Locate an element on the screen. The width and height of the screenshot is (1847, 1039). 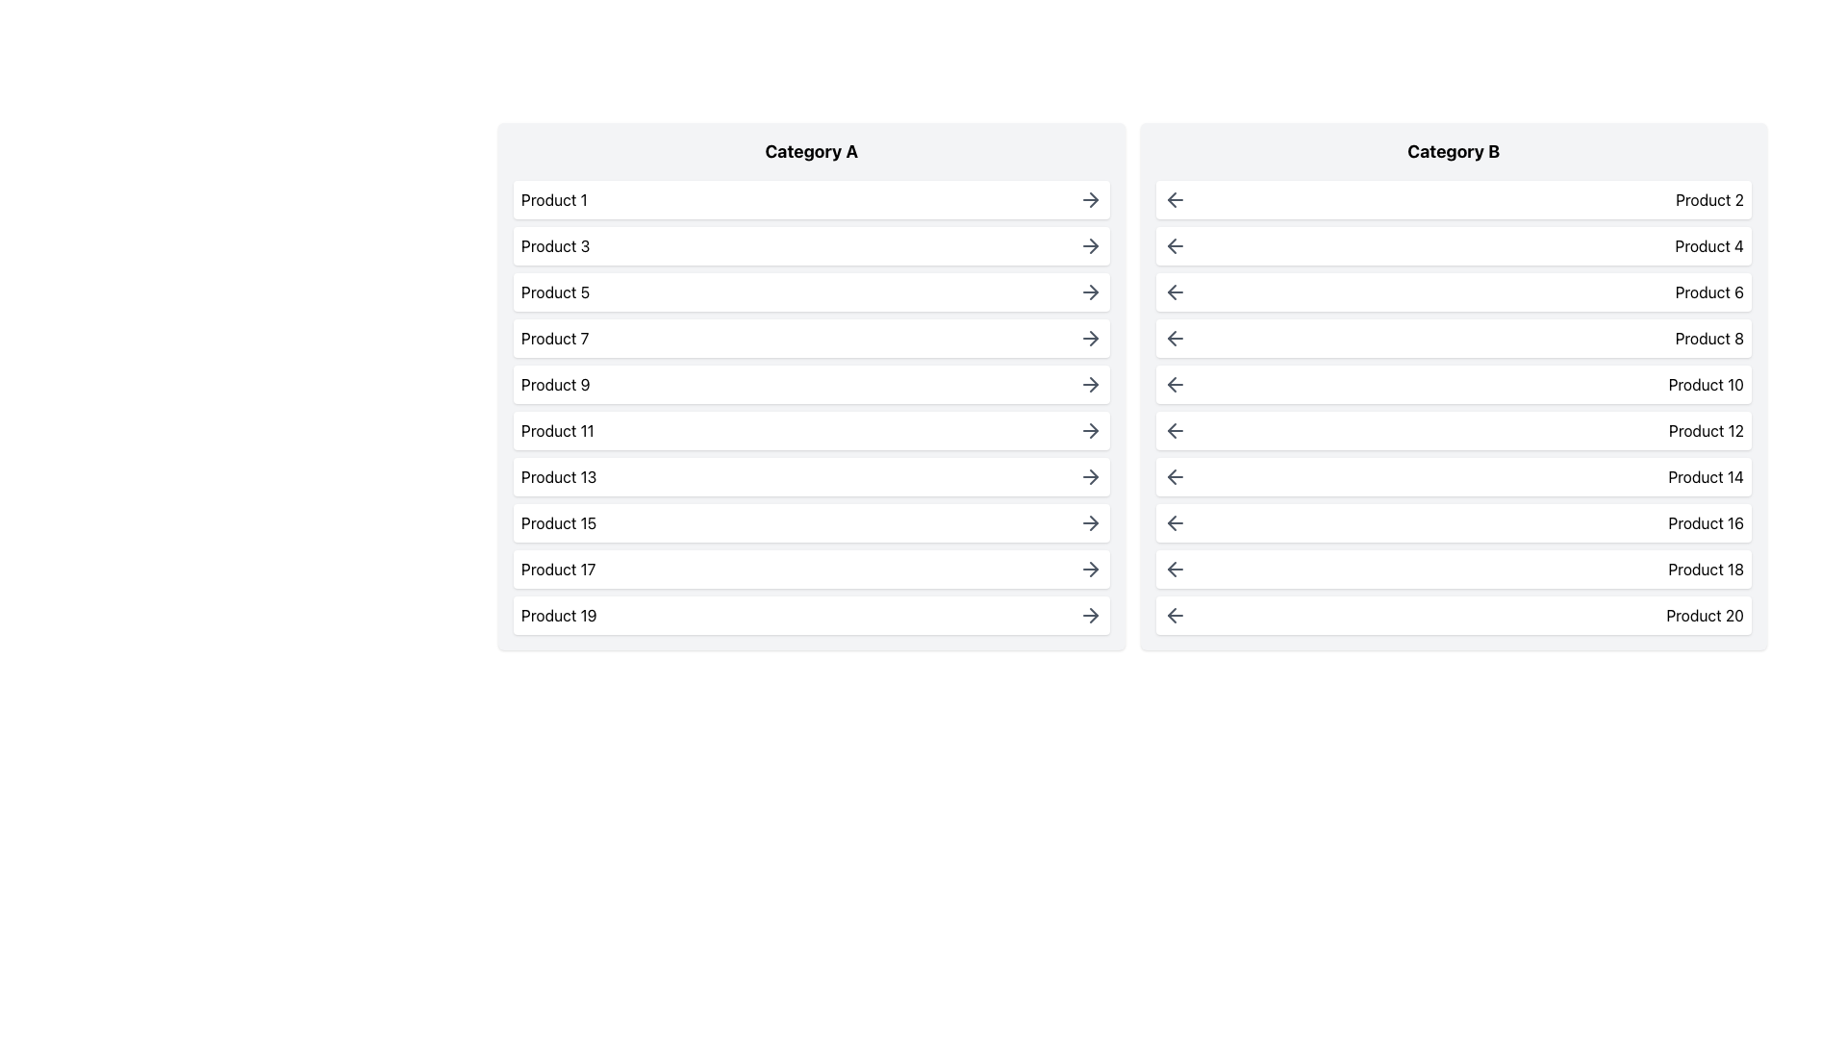
the list item box labeled 'Product 17' is located at coordinates (811, 568).